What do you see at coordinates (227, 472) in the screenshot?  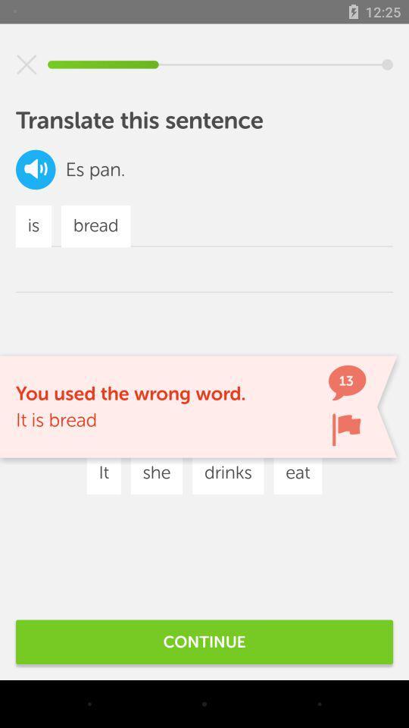 I see `icon to the left of the eat item` at bounding box center [227, 472].